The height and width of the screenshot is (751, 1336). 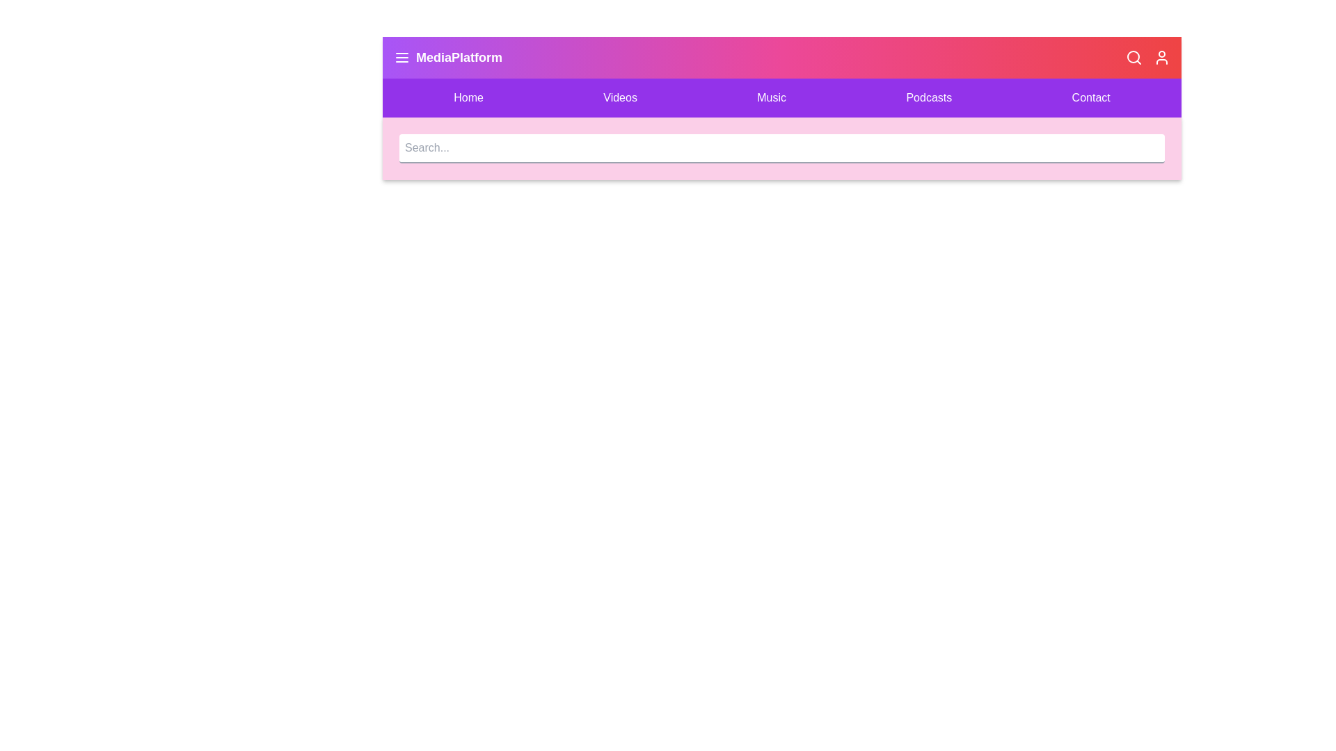 I want to click on the Contact menu item to navigate to the corresponding section, so click(x=1090, y=97).